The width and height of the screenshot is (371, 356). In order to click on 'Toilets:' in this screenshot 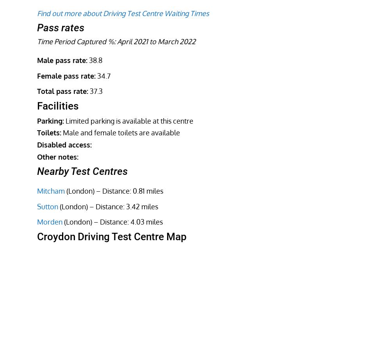, I will do `click(49, 132)`.